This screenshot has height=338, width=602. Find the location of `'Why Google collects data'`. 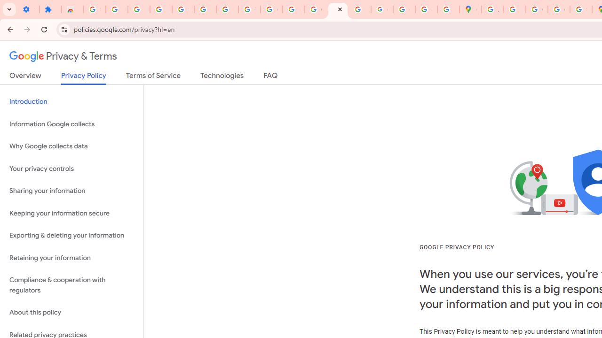

'Why Google collects data' is located at coordinates (71, 146).